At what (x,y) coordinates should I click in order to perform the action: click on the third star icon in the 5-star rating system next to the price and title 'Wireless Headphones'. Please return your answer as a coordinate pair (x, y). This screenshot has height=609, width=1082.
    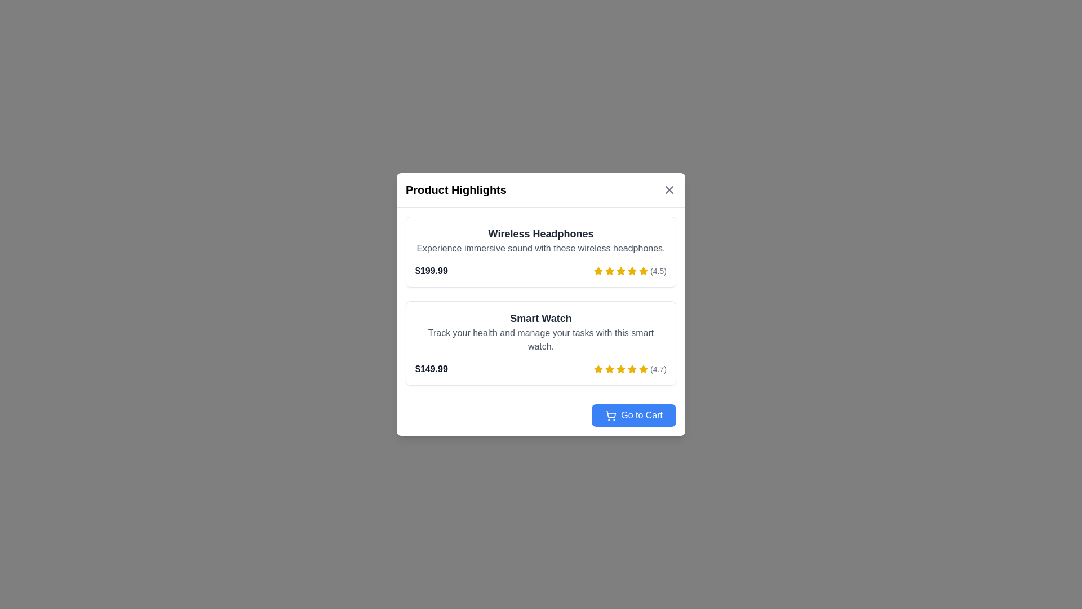
    Looking at the image, I should click on (609, 271).